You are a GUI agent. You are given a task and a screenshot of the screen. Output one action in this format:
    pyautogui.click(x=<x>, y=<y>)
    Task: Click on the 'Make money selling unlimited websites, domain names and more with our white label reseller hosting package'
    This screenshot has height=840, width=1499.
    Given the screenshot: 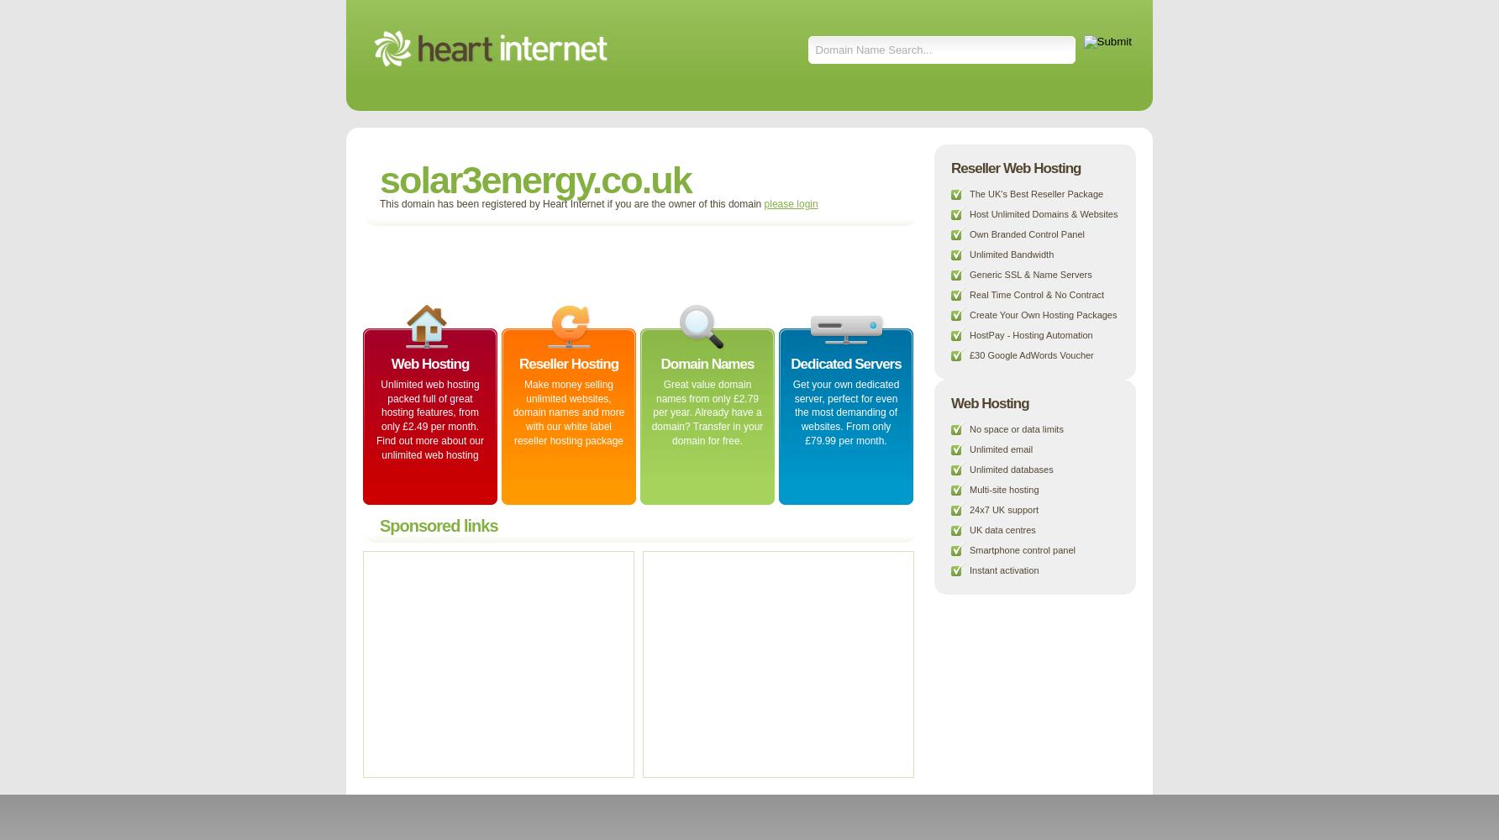 What is the action you would take?
    pyautogui.click(x=511, y=411)
    